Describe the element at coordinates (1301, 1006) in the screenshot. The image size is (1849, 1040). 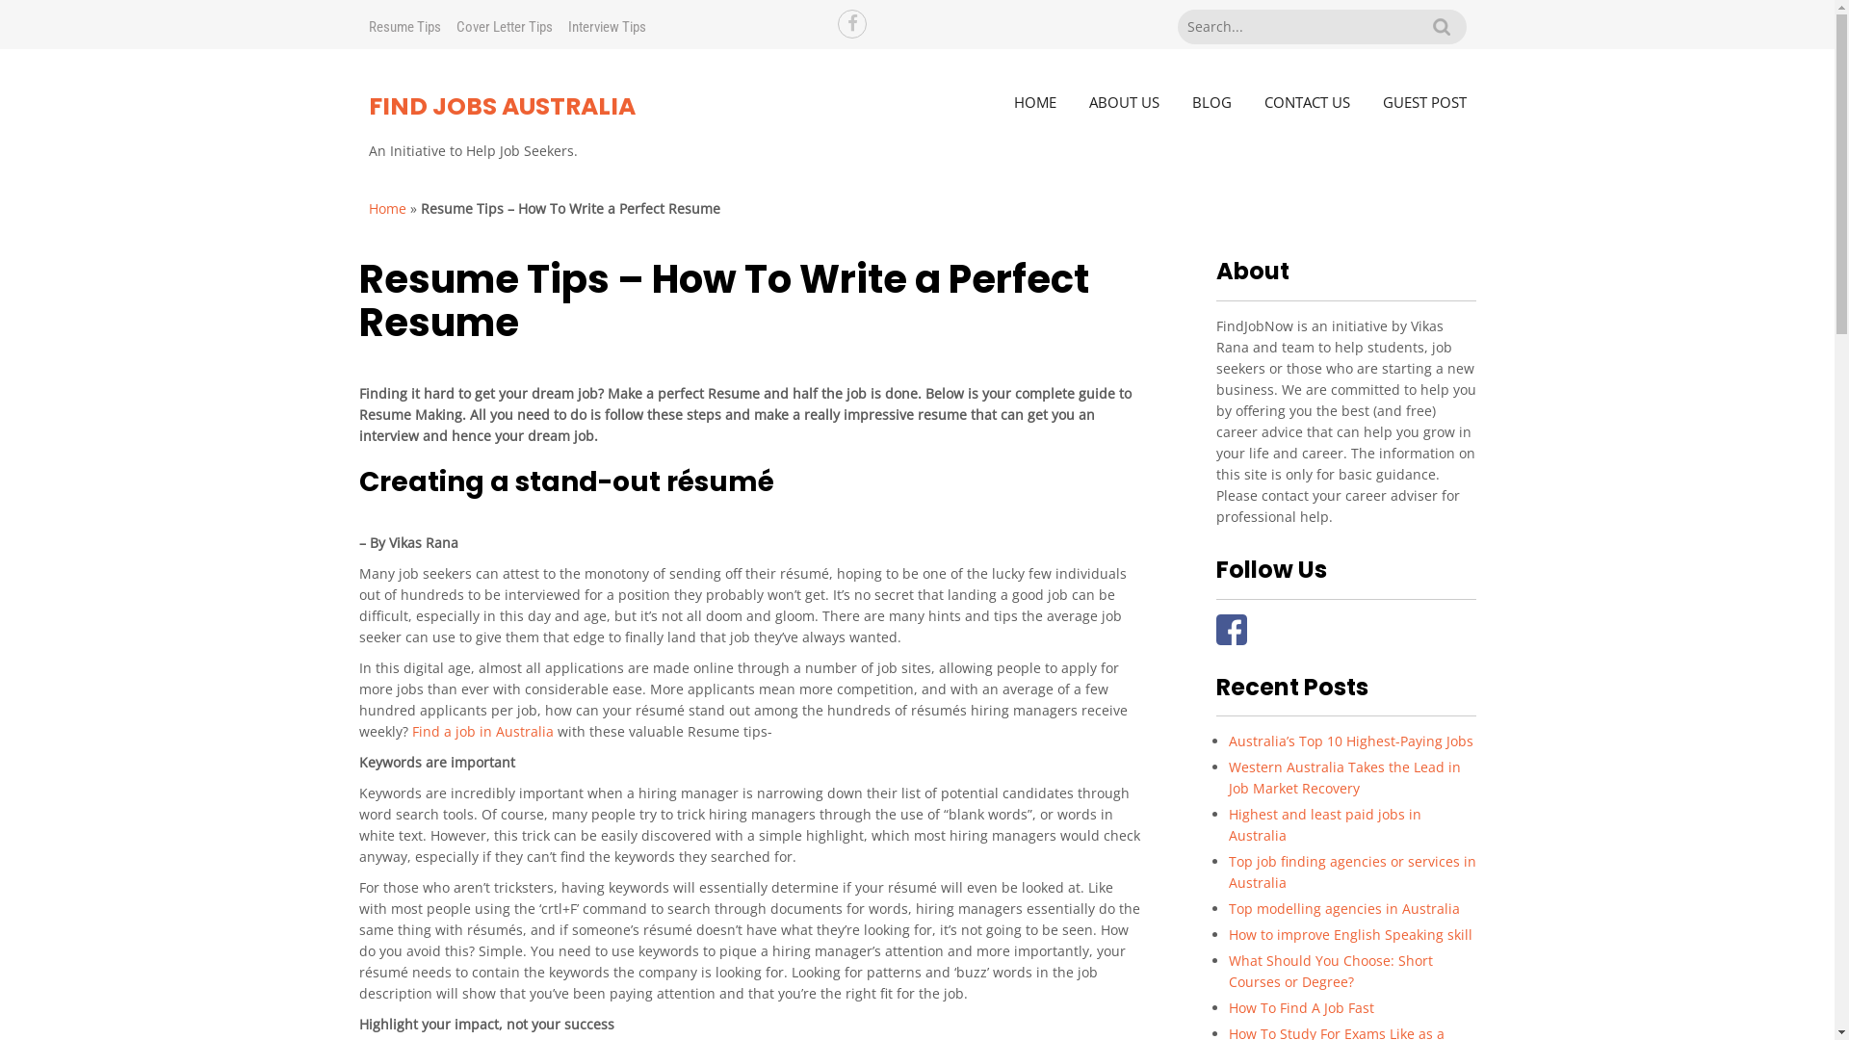
I see `'How To Find A Job Fast'` at that location.